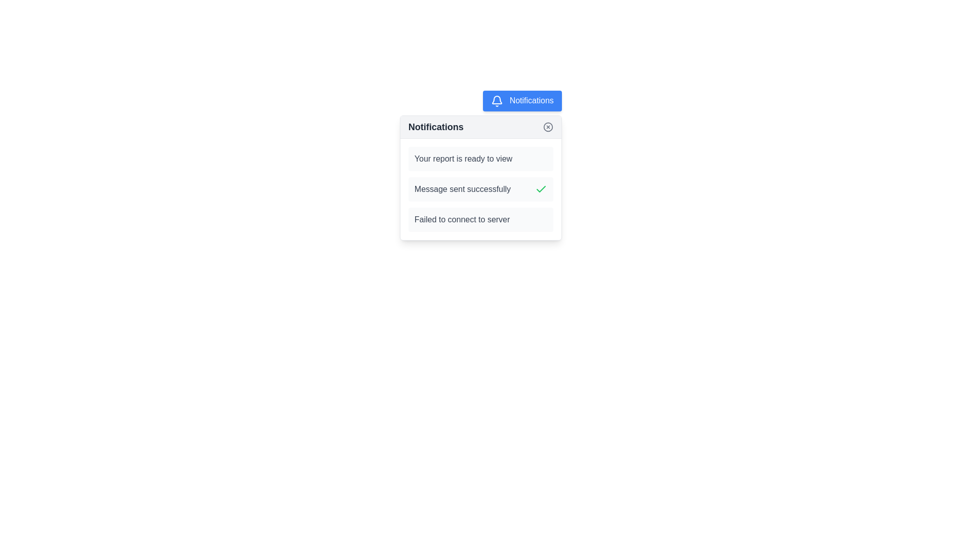 The image size is (972, 547). What do you see at coordinates (522, 101) in the screenshot?
I see `the 'Notifications' button, which has a blue background and white text along with a bell icon` at bounding box center [522, 101].